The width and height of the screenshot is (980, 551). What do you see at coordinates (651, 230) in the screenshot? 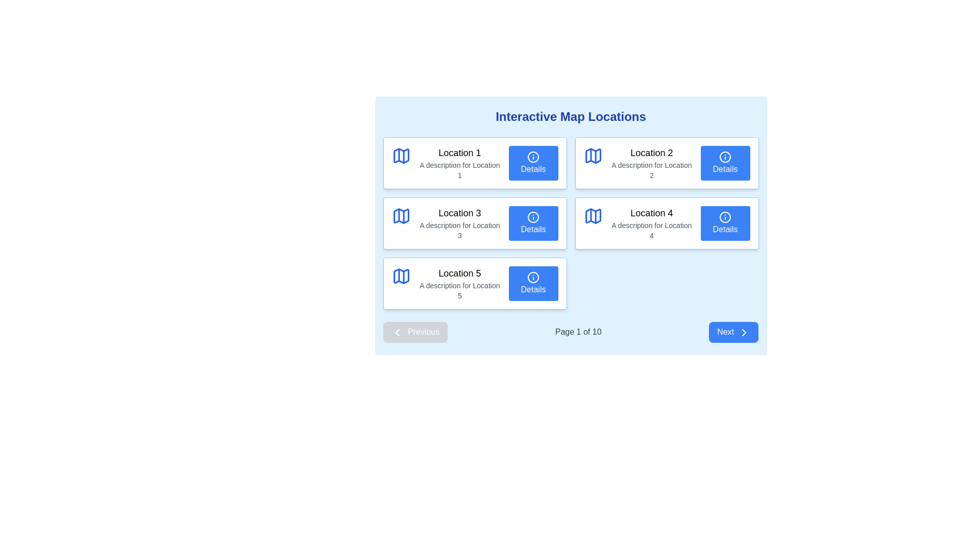
I see `the non-interactive informative text located directly below the headline 'Location 4' in the fourth box of the grid layout` at bounding box center [651, 230].